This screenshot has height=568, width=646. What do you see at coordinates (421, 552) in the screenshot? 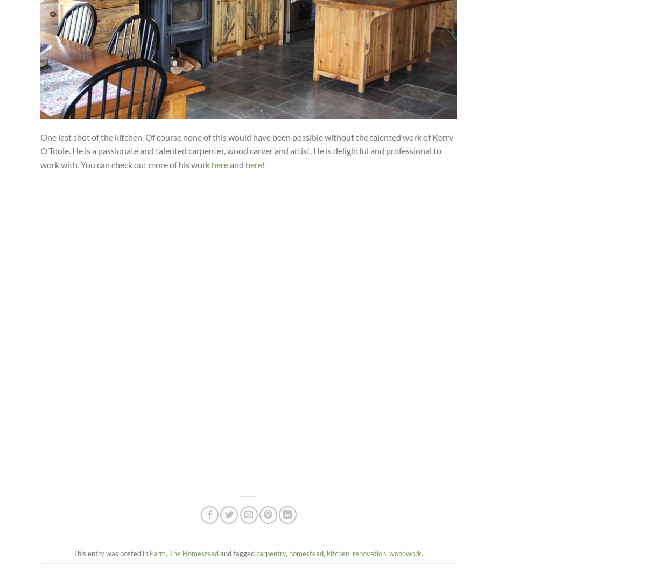
I see `'.'` at bounding box center [421, 552].